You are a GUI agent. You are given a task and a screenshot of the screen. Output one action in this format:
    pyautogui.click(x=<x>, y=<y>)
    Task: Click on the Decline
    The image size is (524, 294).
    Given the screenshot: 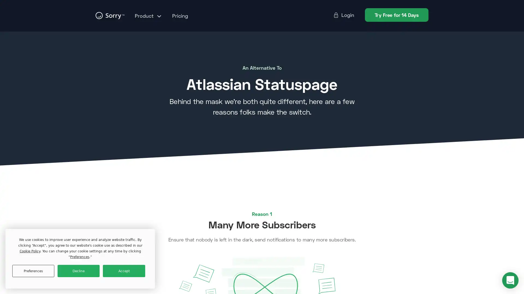 What is the action you would take?
    pyautogui.click(x=78, y=271)
    